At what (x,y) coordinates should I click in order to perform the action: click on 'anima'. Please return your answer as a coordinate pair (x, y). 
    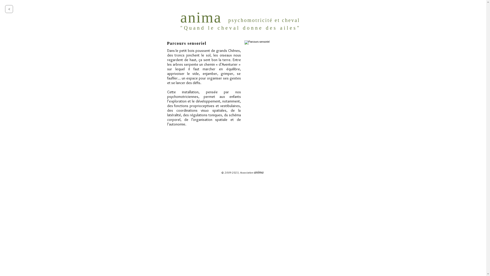
    Looking at the image, I should click on (201, 17).